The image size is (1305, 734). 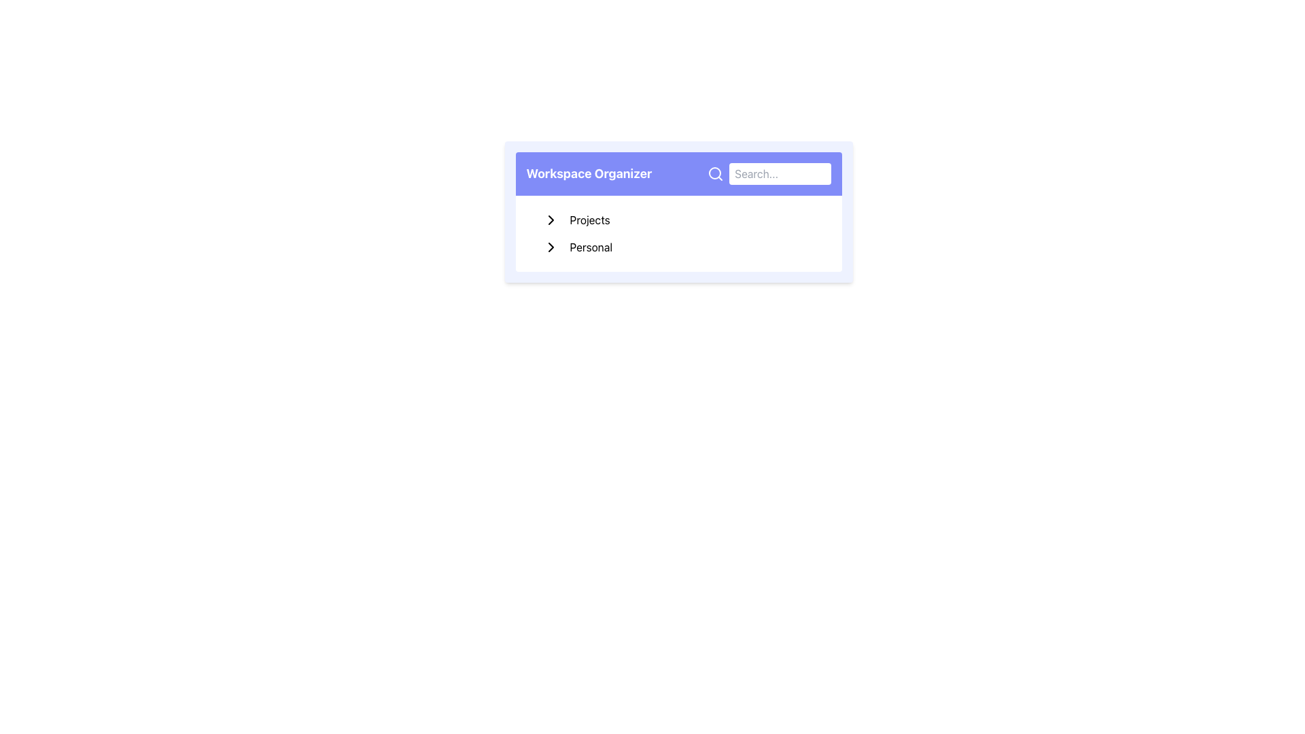 What do you see at coordinates (551, 220) in the screenshot?
I see `the first rightward-pointing chevron arrow adjacent to the 'Projects' text in the vertical list of the 'Workspace Organizer' frame` at bounding box center [551, 220].